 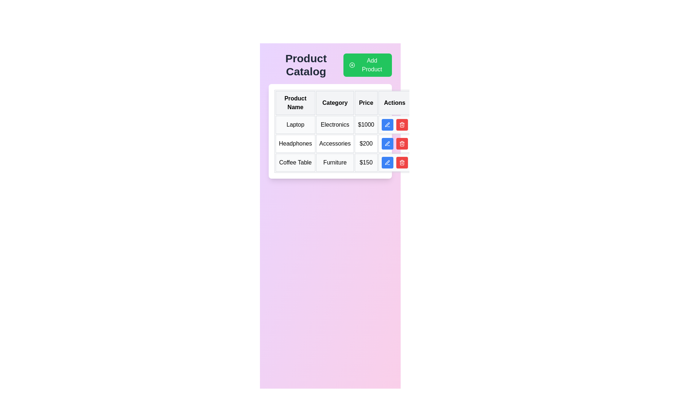 I want to click on the text label displaying 'Furniture', which is located, so click(x=334, y=162).